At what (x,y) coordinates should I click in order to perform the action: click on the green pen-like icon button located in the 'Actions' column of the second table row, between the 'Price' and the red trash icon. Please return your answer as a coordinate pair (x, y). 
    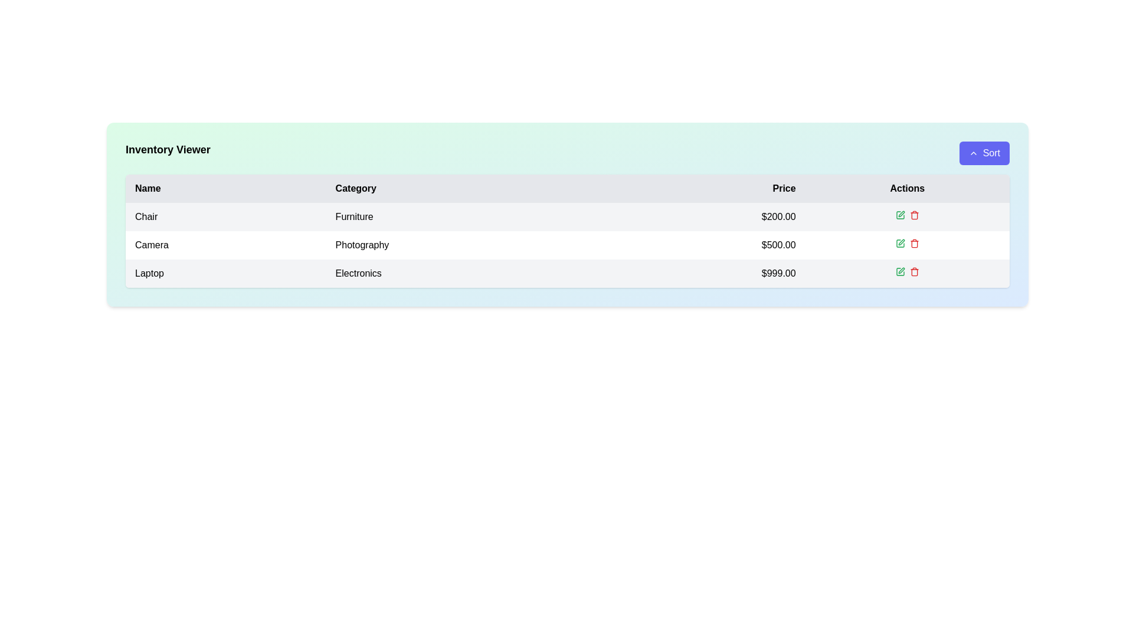
    Looking at the image, I should click on (899, 242).